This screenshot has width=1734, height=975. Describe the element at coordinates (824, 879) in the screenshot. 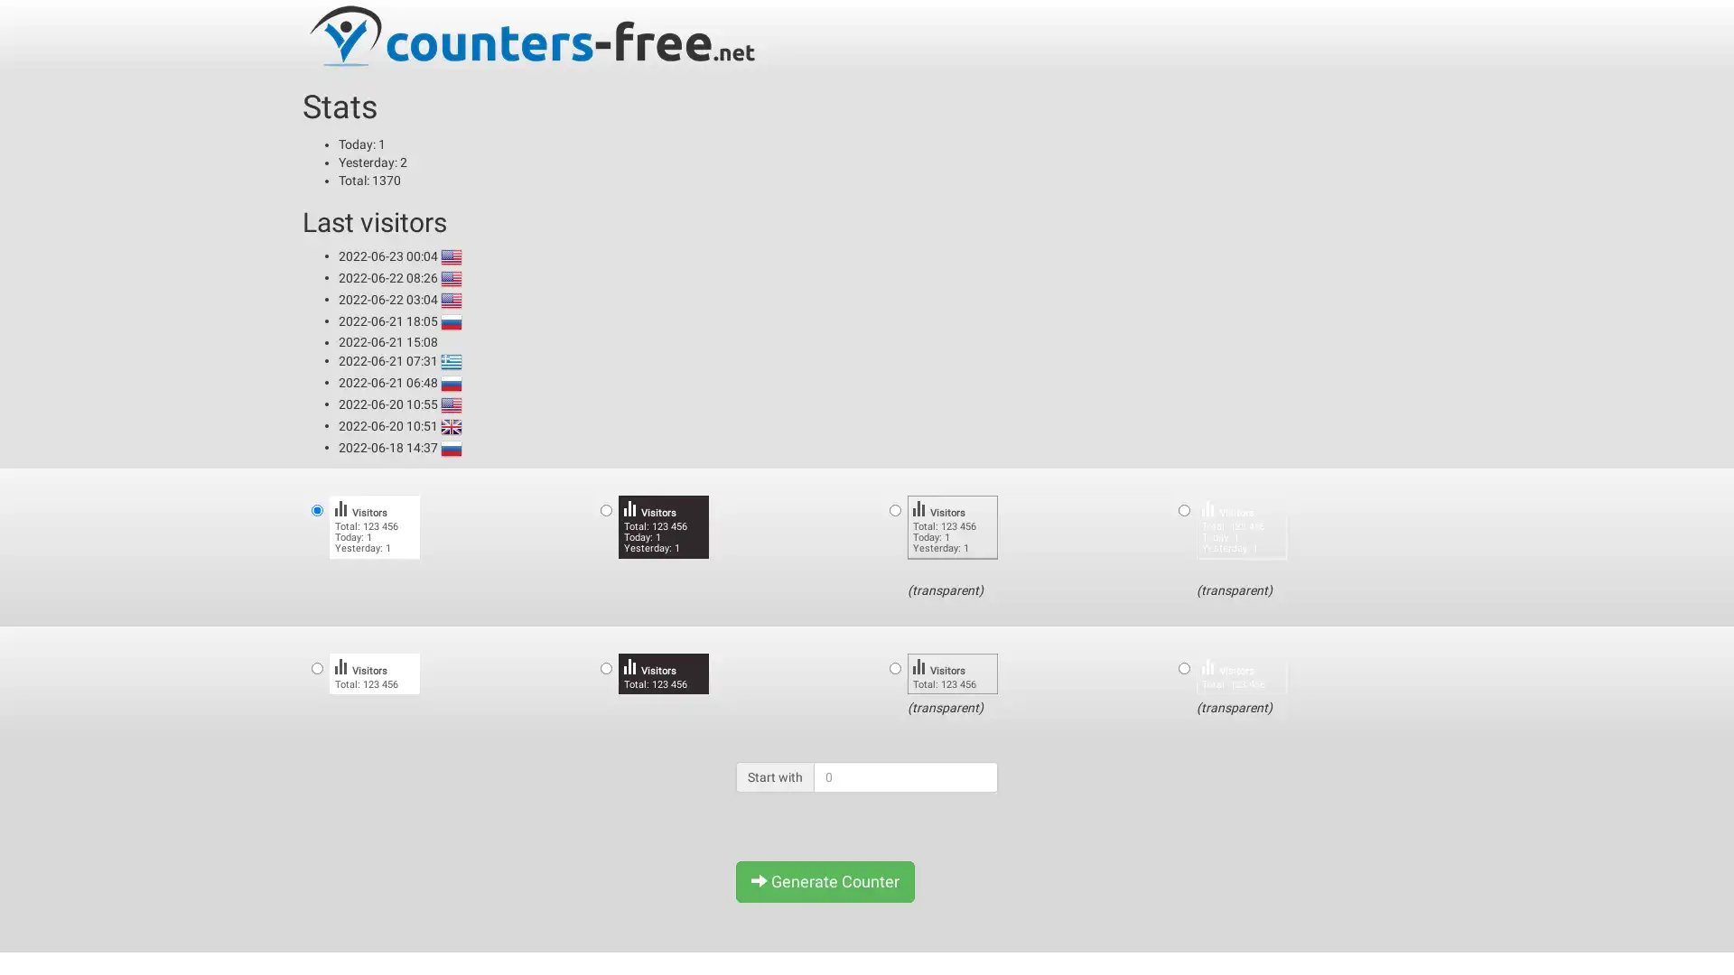

I see `Generate Counter` at that location.